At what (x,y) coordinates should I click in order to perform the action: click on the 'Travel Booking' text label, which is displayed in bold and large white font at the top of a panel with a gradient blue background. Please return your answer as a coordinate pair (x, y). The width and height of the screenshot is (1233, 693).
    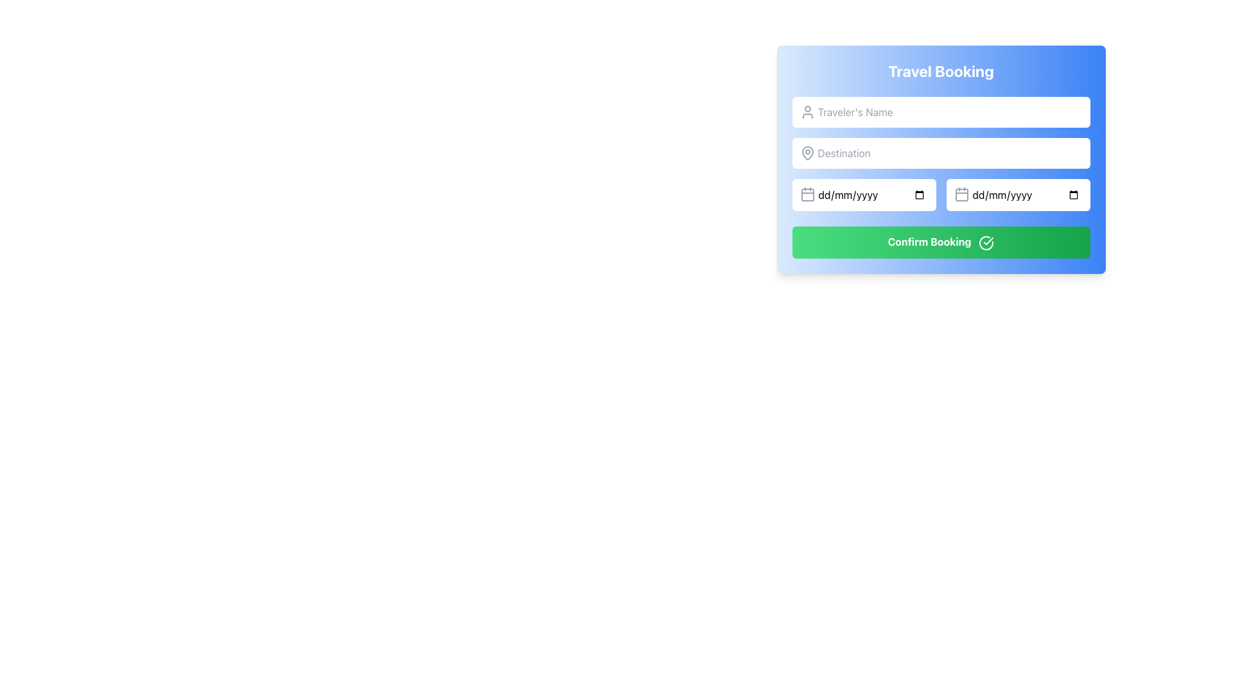
    Looking at the image, I should click on (941, 71).